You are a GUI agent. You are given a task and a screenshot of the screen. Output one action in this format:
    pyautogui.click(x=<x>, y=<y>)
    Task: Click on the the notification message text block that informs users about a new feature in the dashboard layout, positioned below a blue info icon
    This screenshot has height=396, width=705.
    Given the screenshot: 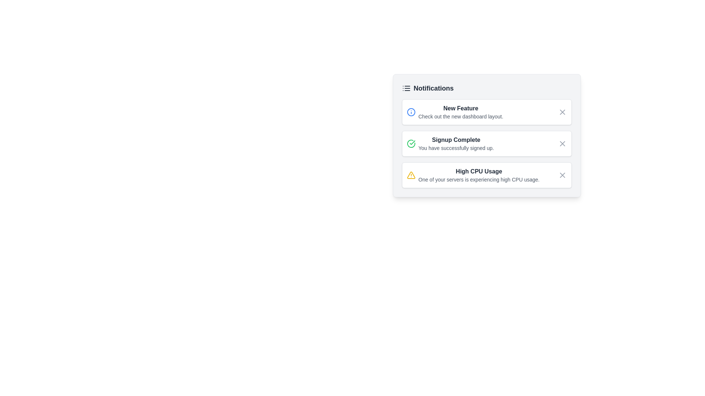 What is the action you would take?
    pyautogui.click(x=460, y=112)
    